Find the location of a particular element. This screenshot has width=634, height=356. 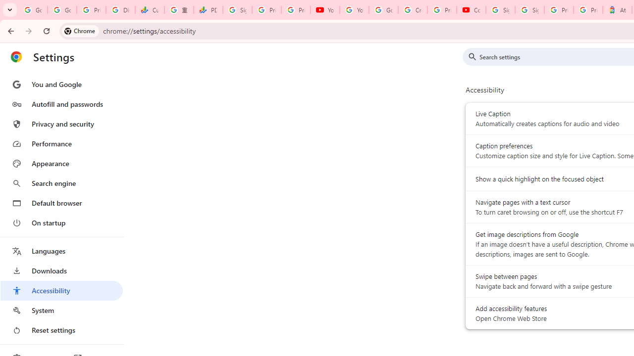

'YouTube' is located at coordinates (325, 10).